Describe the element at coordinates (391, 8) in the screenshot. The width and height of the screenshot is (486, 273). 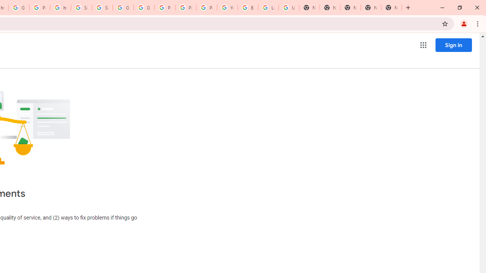
I see `'New Tab'` at that location.